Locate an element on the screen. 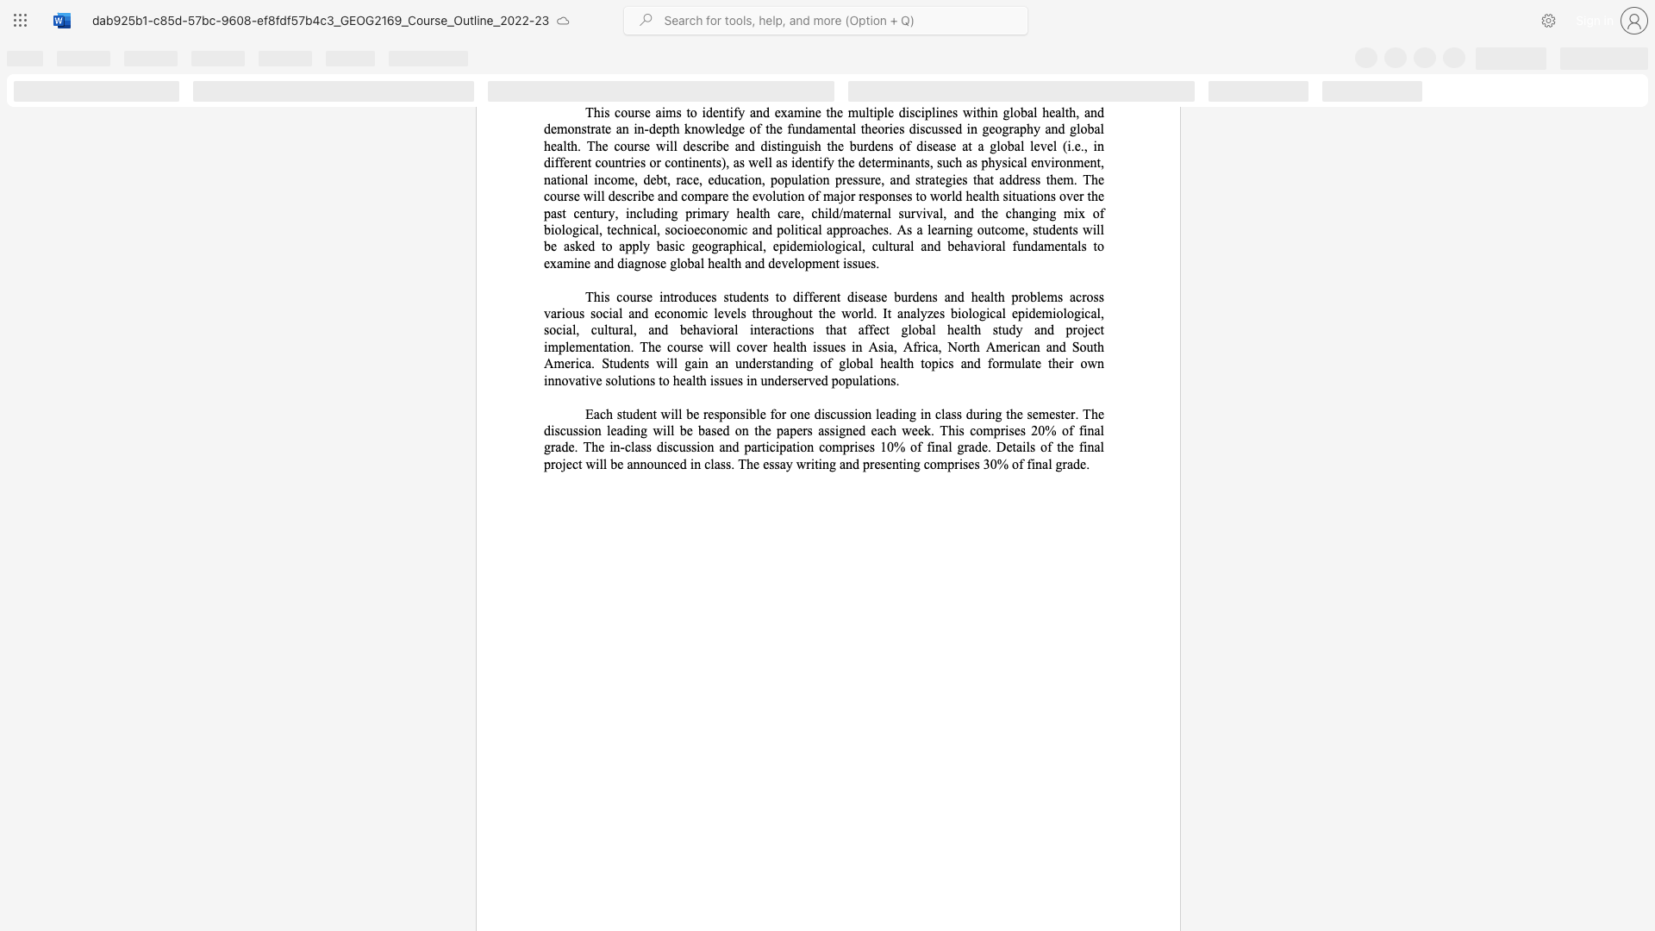 The width and height of the screenshot is (1655, 931). the subset text "n in-depth knowledge of the fundamental theories discussed in geography and global health. The course will describe and distinguish the burdens of disease at a global level (i." within the text "This course aims to identify and examine the multiple disciplines within global health, and demonstrate an in-depth knowledge of the fundamental theories discussed in geography and global health. The course will describe and distinguish the burdens of disease at a global level (i.e., in different" is located at coordinates (621, 128).